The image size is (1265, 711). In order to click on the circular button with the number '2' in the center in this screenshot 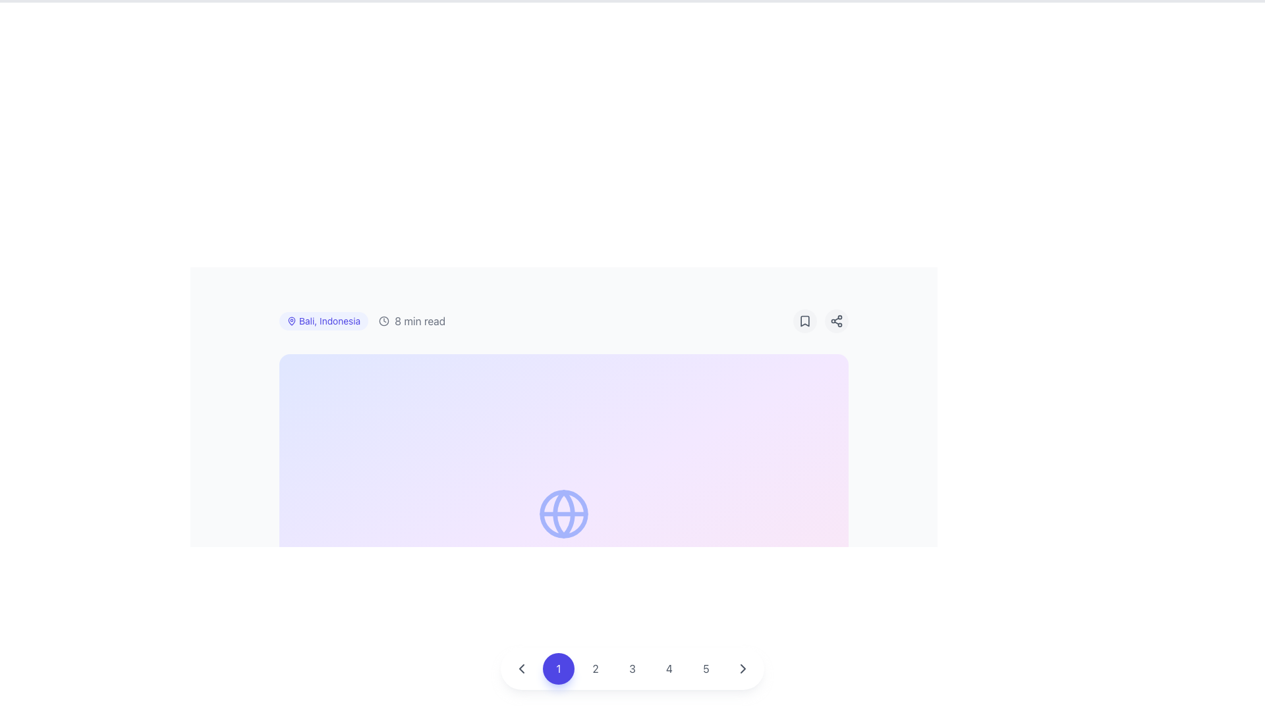, I will do `click(594, 668)`.